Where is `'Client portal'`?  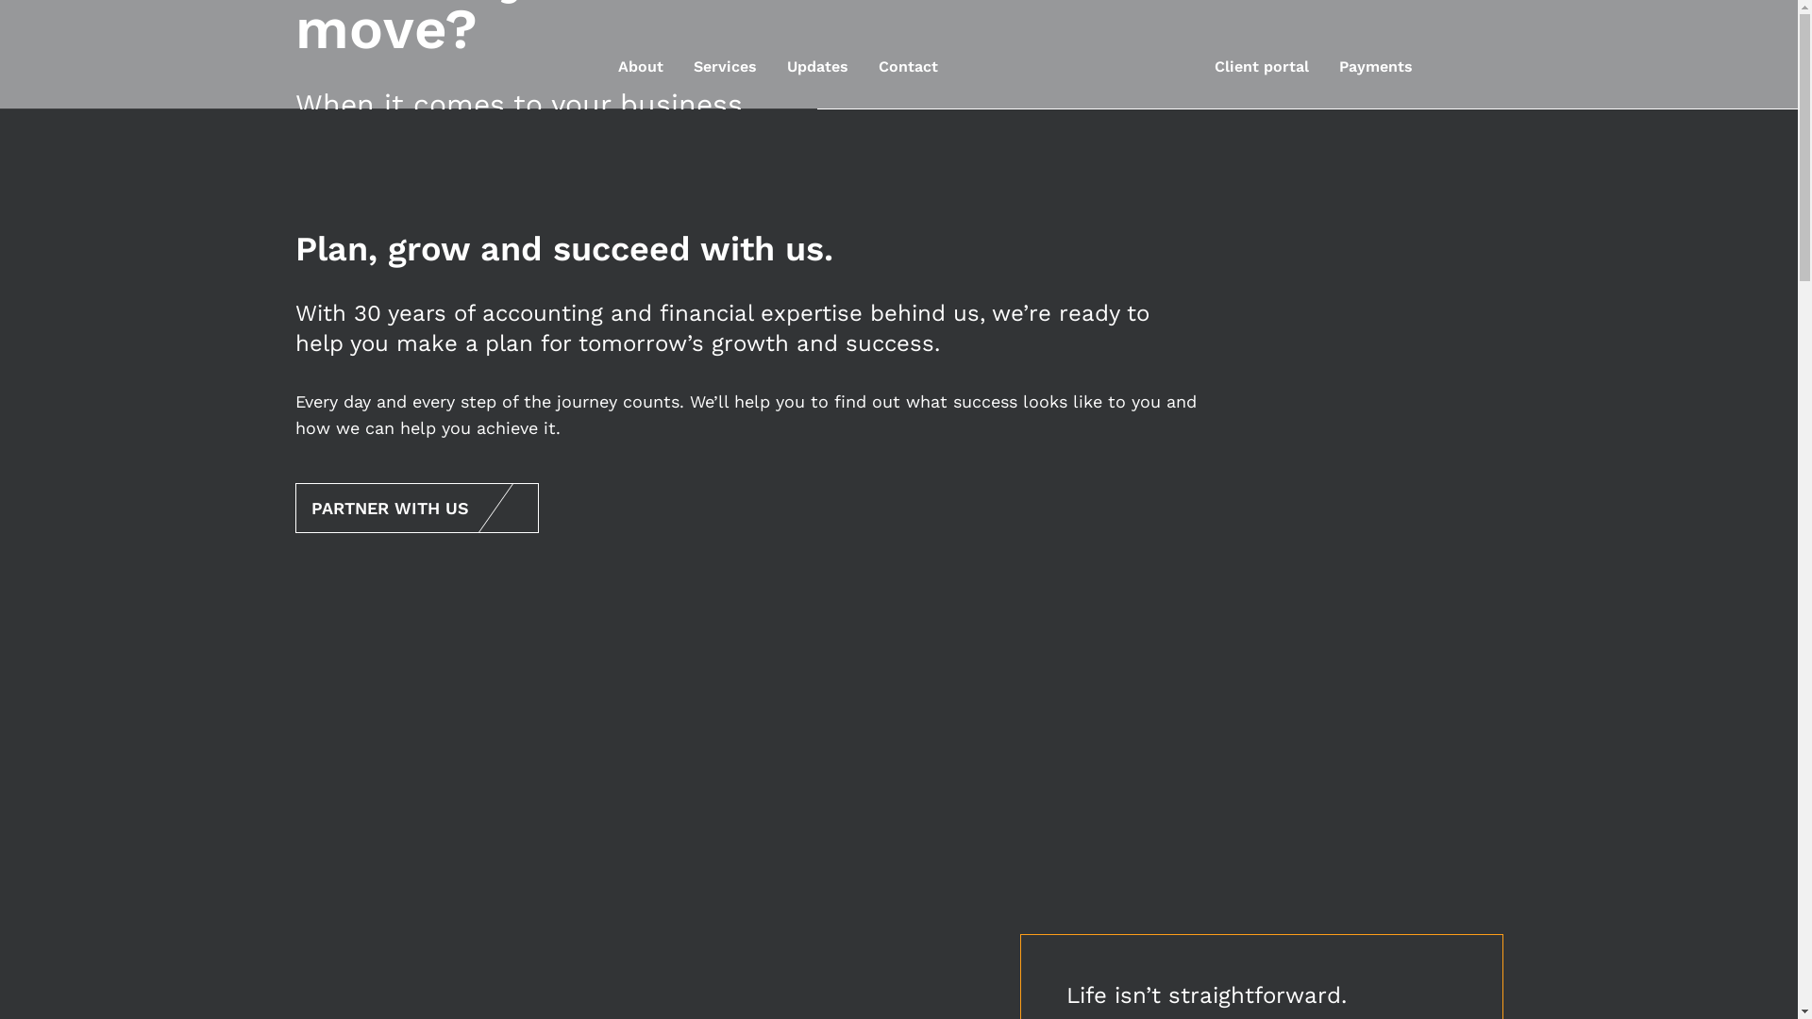 'Client portal' is located at coordinates (1260, 53).